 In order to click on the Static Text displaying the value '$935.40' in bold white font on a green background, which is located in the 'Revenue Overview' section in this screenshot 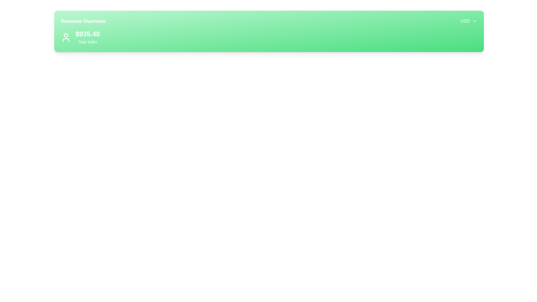, I will do `click(87, 34)`.